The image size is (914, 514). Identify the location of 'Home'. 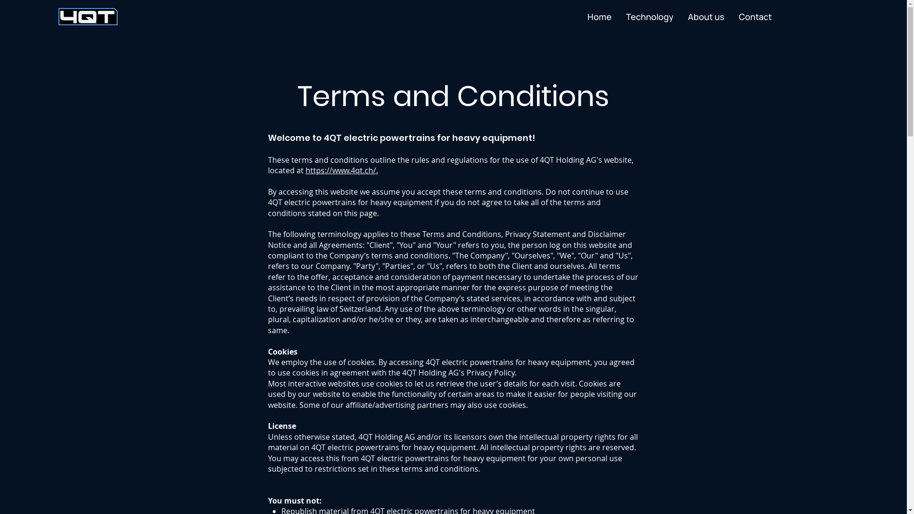
(599, 16).